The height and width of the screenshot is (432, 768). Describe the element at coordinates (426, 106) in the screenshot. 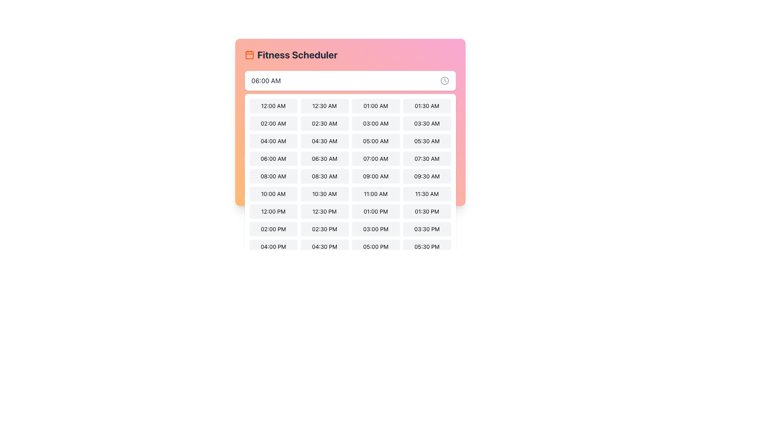

I see `the rectangular button labeled '01:30 AM' by` at that location.